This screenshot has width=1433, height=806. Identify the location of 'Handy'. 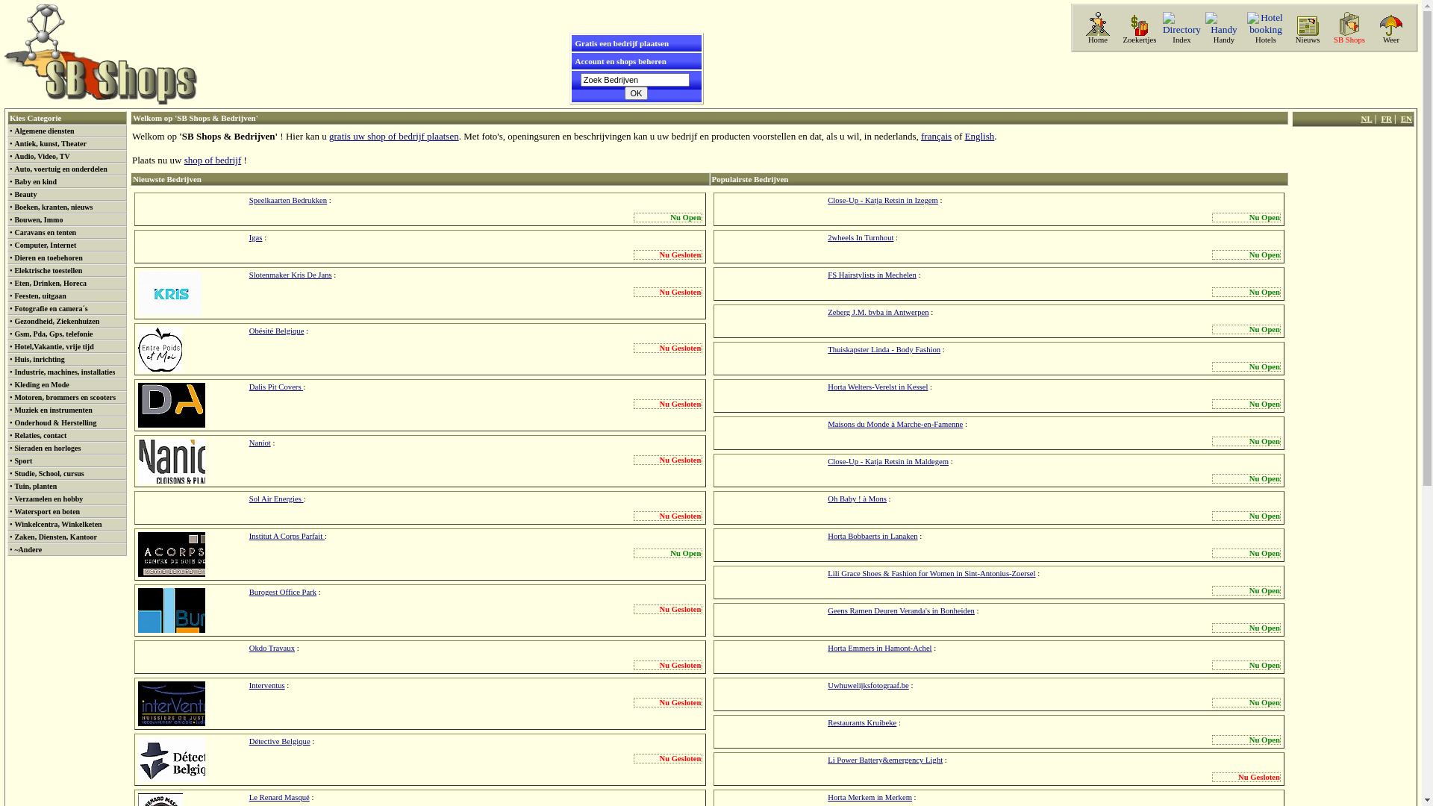
(1224, 39).